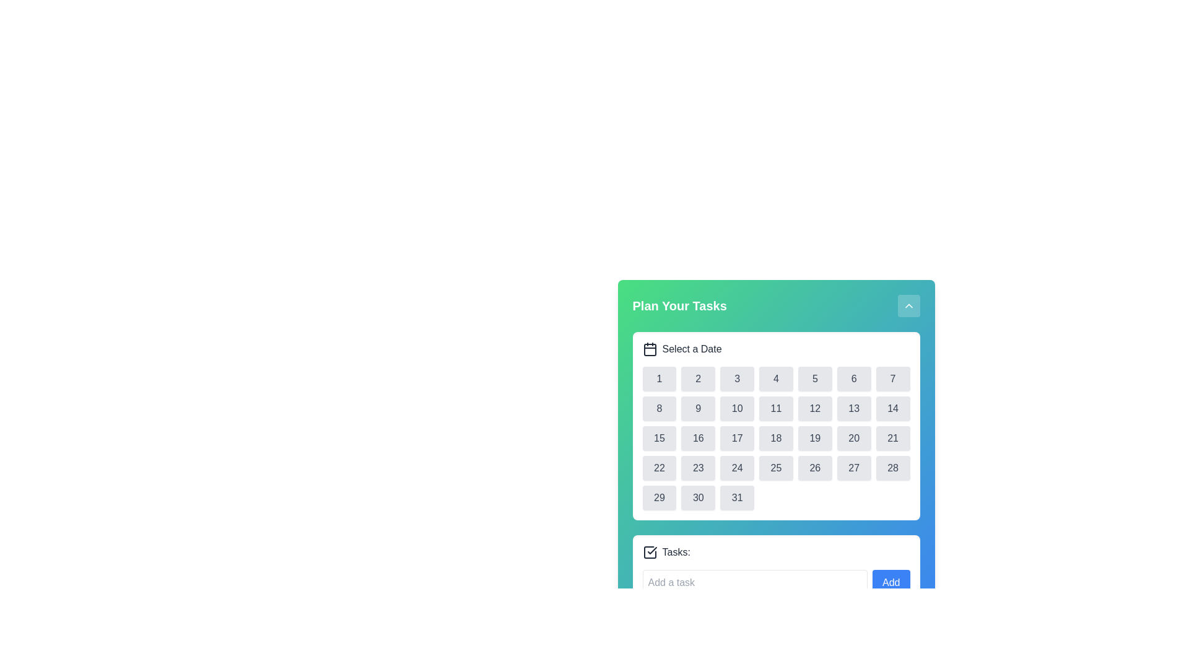 The width and height of the screenshot is (1189, 669). What do you see at coordinates (815, 378) in the screenshot?
I see `the rounded rectangular button displaying the number '5' in dark gray` at bounding box center [815, 378].